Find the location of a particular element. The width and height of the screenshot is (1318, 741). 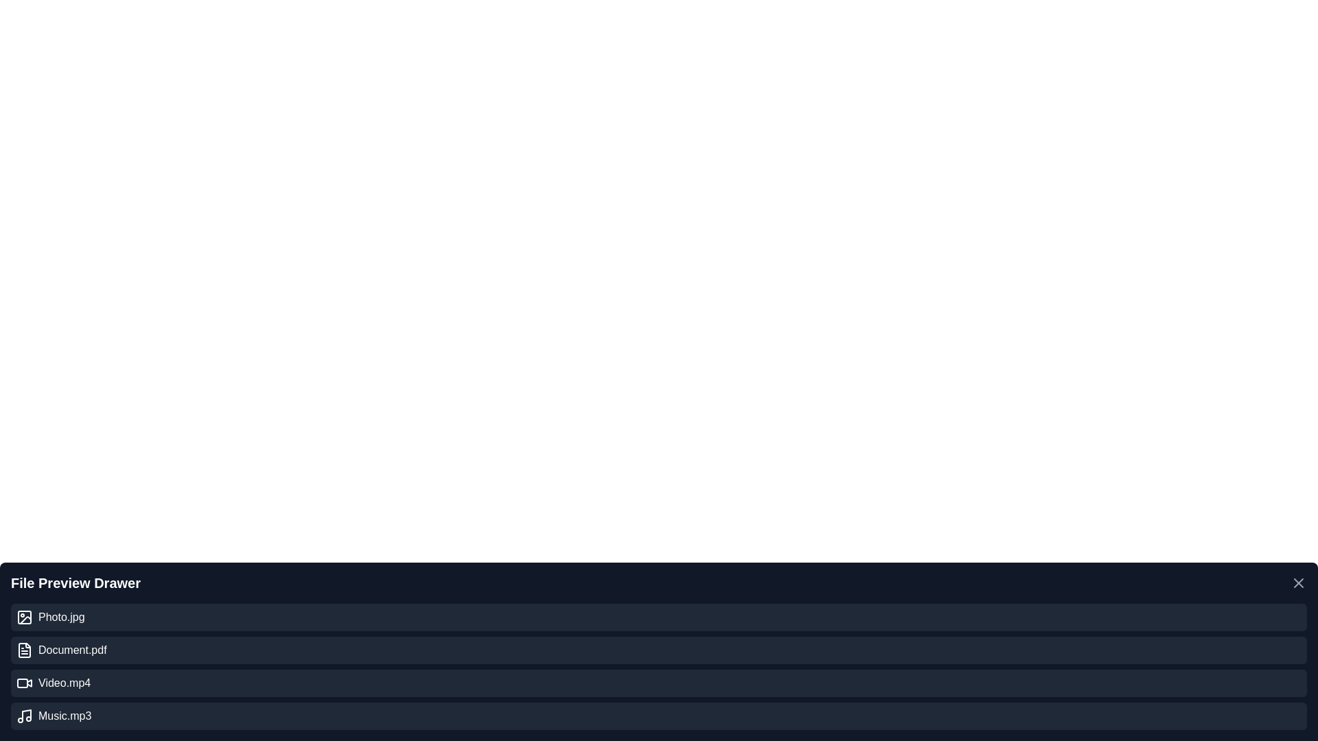

the document icon that represents the file labeled 'Document.pdf' is located at coordinates (24, 650).